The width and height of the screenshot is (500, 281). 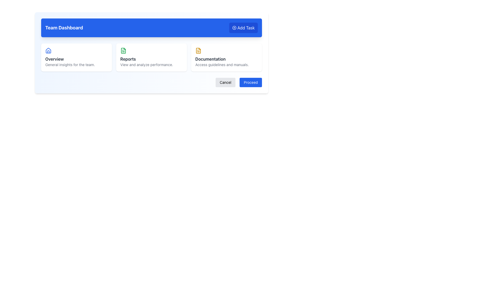 I want to click on the house icon with a blue outline located above the 'Overview' text in the 'Team Dashboard' section, so click(x=48, y=50).